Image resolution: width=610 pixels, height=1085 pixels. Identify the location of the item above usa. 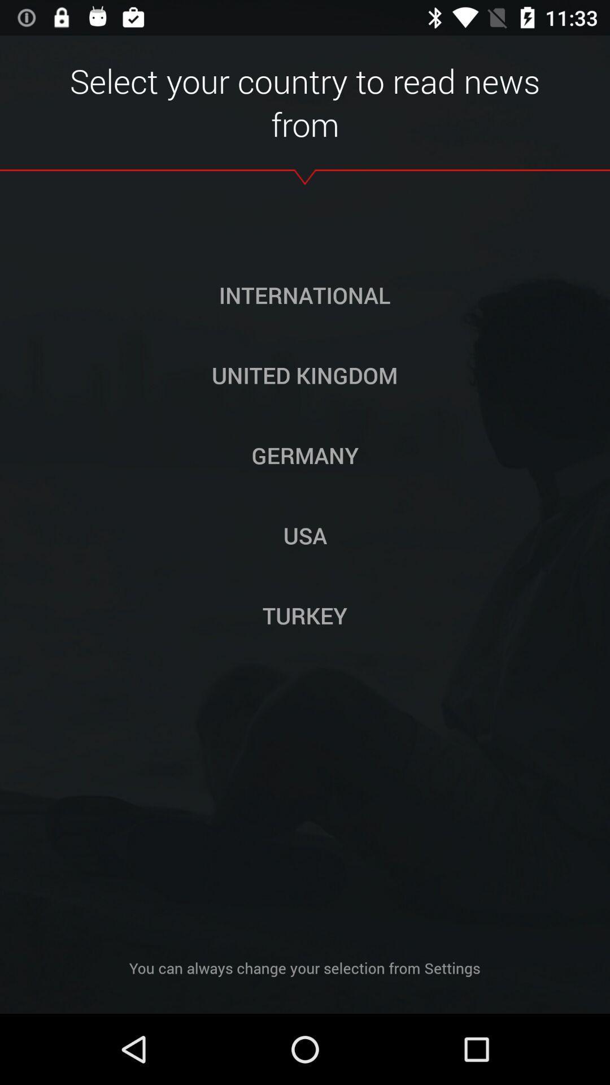
(305, 455).